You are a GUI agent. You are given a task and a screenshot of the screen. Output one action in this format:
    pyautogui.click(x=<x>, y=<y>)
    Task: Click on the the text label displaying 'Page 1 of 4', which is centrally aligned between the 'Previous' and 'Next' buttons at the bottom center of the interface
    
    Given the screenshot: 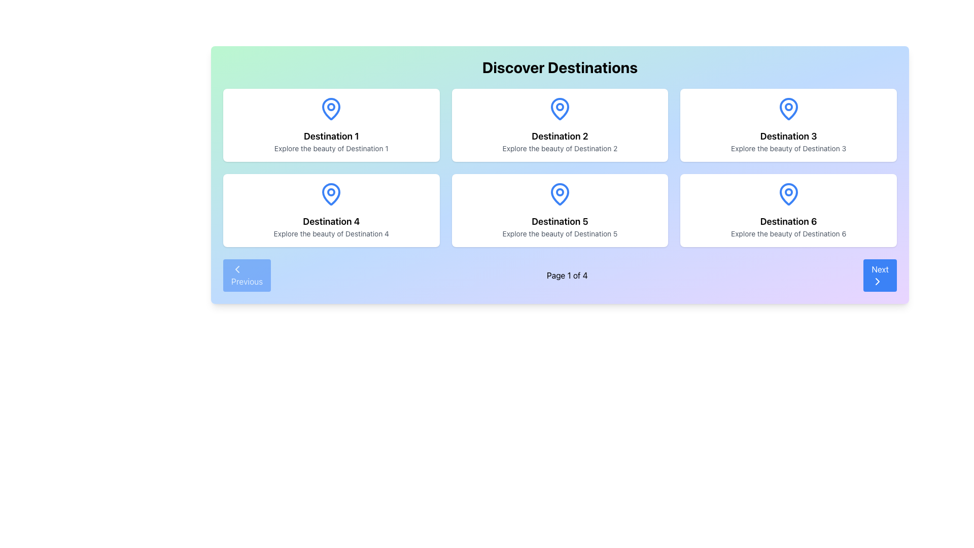 What is the action you would take?
    pyautogui.click(x=567, y=276)
    